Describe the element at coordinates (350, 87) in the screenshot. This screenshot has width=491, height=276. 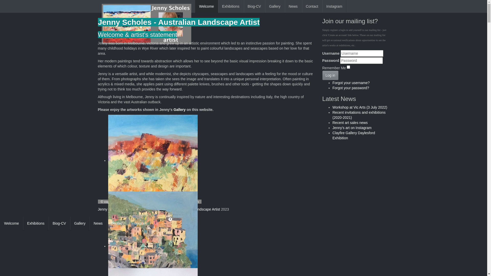
I see `'Forgot your password?'` at that location.